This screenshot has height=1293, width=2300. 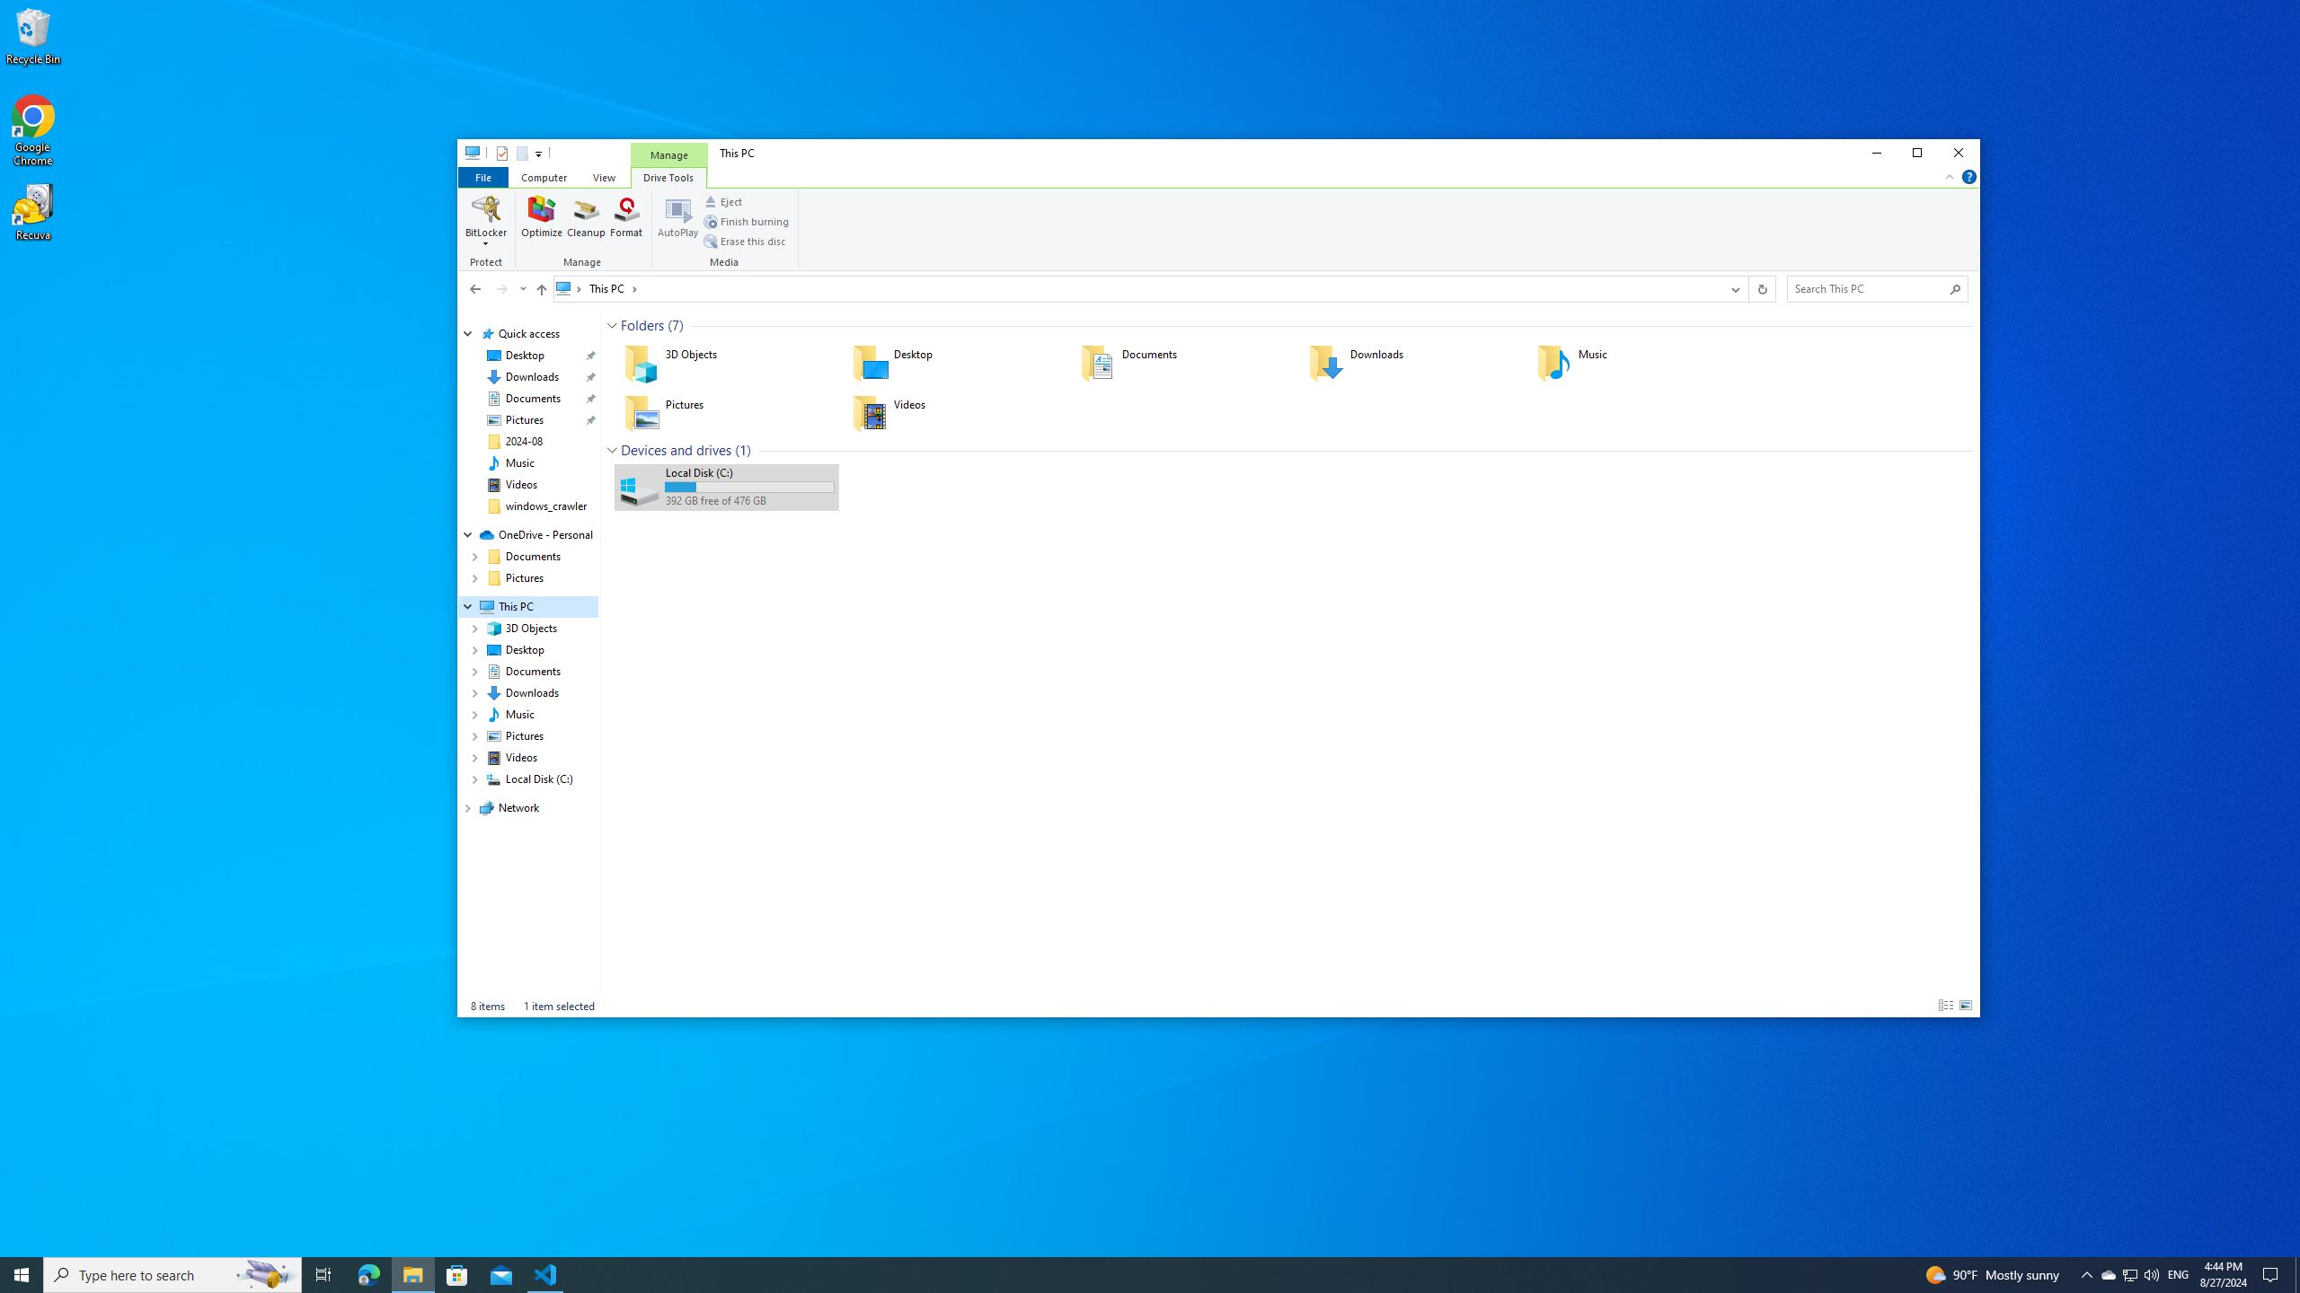 What do you see at coordinates (524, 355) in the screenshot?
I see `'Desktop (pinned)'` at bounding box center [524, 355].